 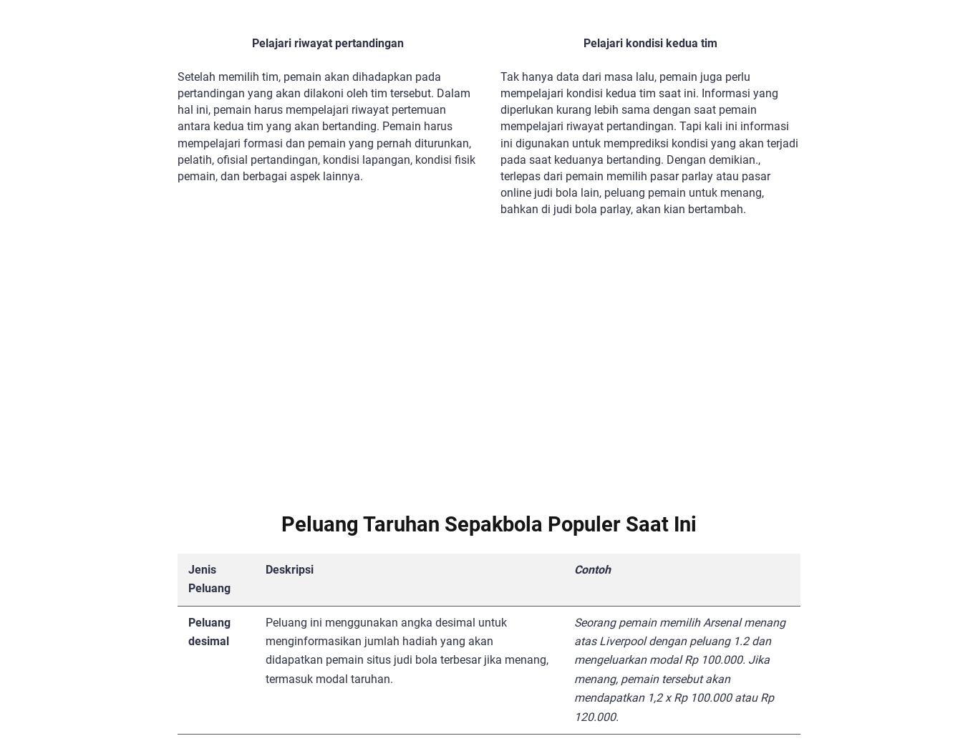 I want to click on 'Tak hanya data dari masa lalu, pemain juga perlu mempelajari kondisi kedua tim saat ini. Informasi yang diperlukan kurang lebih sama dengan saat pemain mempelajari riwayat pertandingan. Tapi kali ini informasi ini digunakan untuk memprediksi kondisi yang akan terjadi pada saat keduanya bertanding. Dengan demikian., terlepas dari pemain memilih pasar parlay atau pasar online judi bola lain, peluang pemain untuk menang, bahkan di judi bola parlay, akan kian bertambah.', so click(x=648, y=142).